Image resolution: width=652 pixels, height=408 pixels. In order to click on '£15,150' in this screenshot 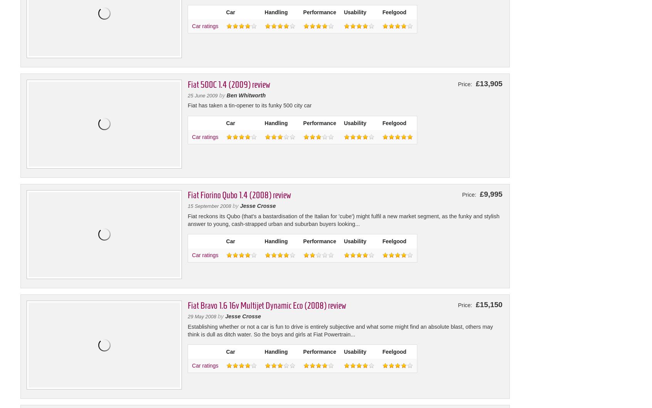, I will do `click(488, 304)`.